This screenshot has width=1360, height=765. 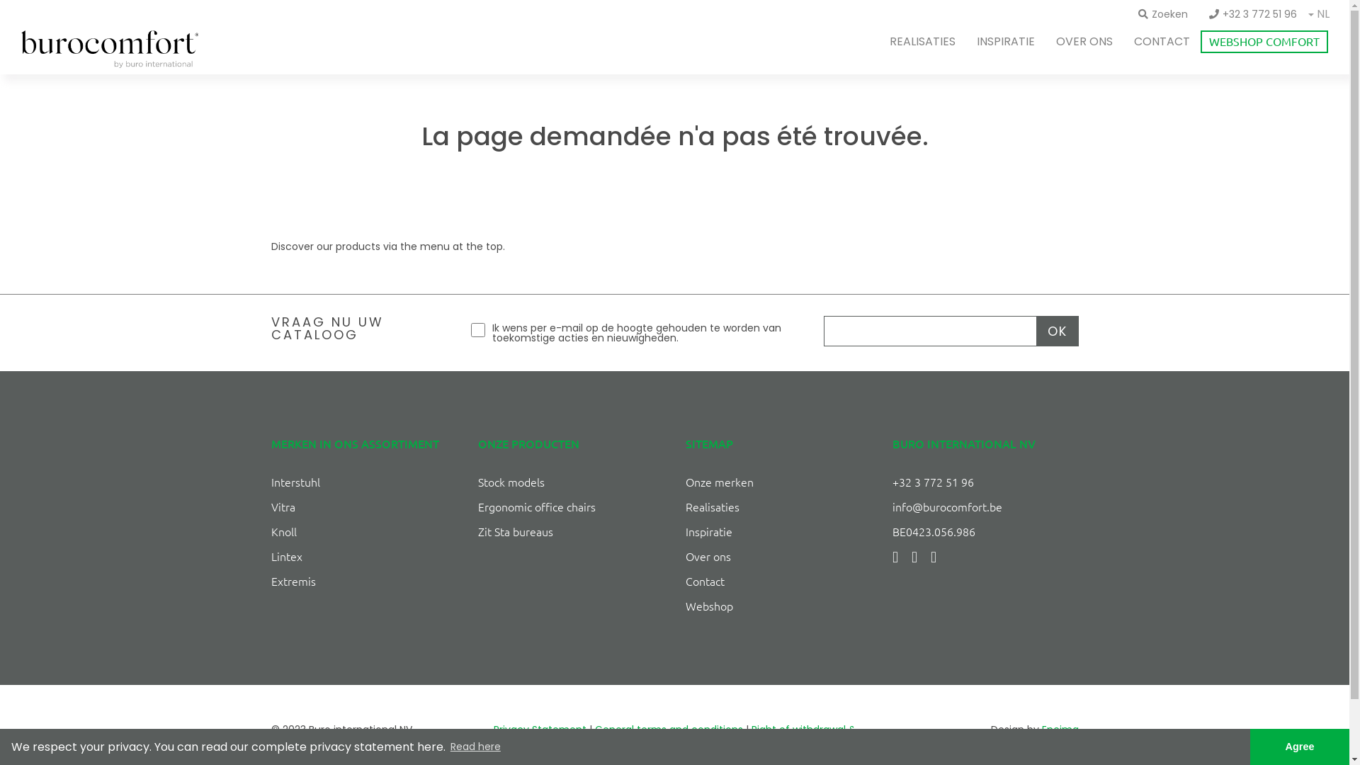 What do you see at coordinates (1162, 40) in the screenshot?
I see `'CONTACT'` at bounding box center [1162, 40].